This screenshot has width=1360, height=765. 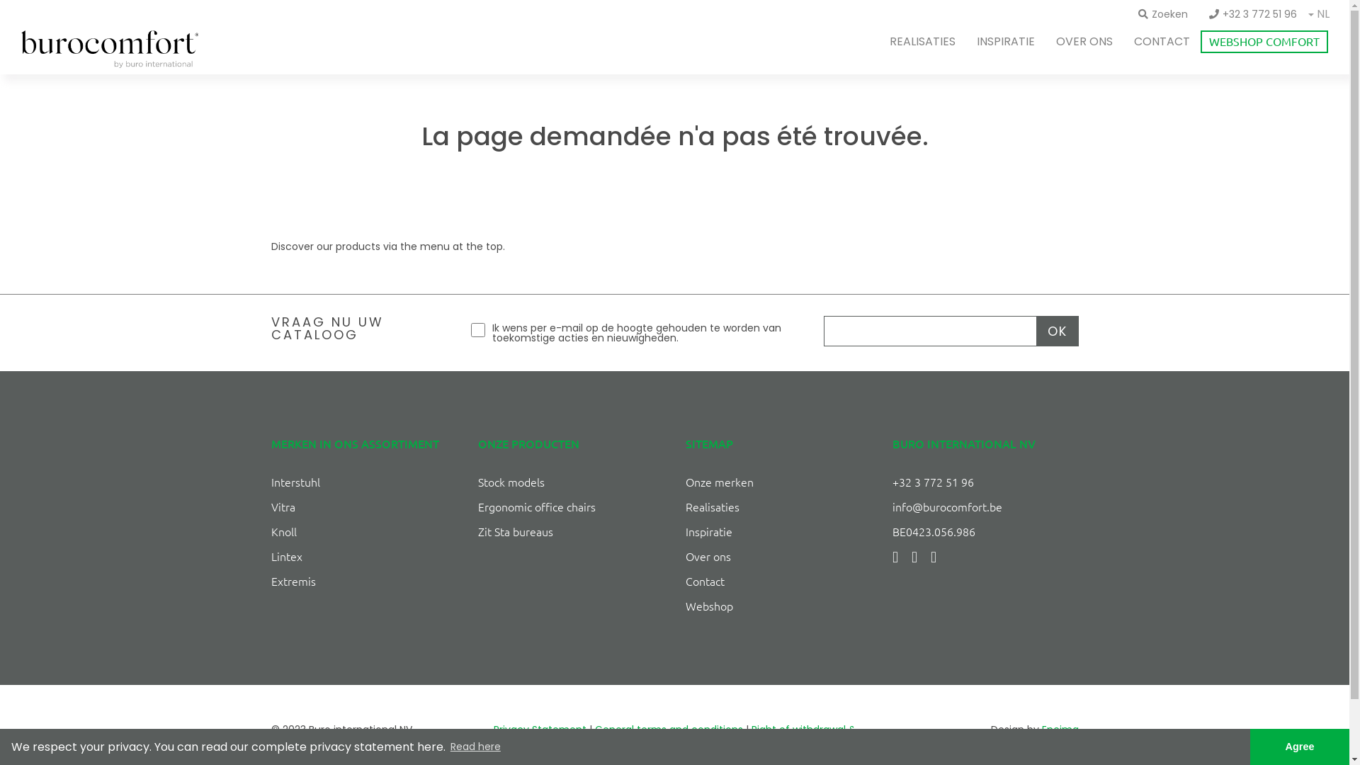 What do you see at coordinates (1162, 40) in the screenshot?
I see `'CONTACT'` at bounding box center [1162, 40].